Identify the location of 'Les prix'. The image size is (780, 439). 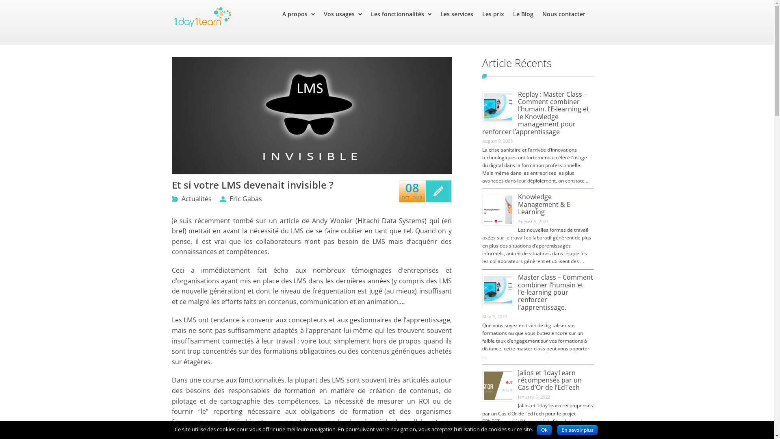
(497, 14).